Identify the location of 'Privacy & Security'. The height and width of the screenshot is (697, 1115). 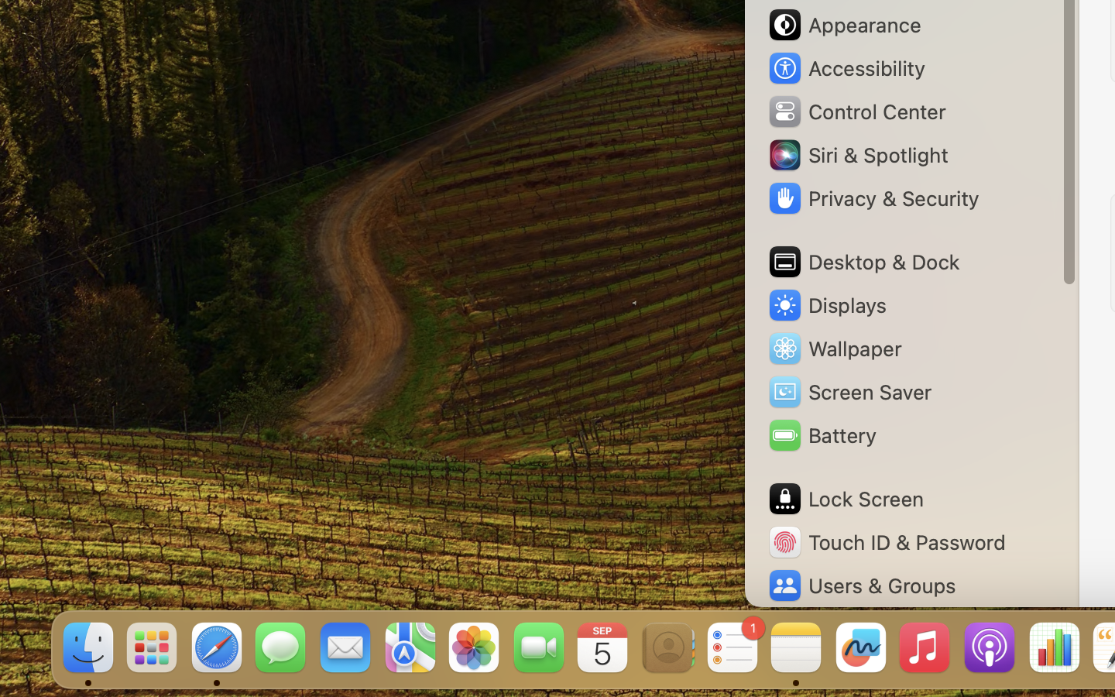
(871, 197).